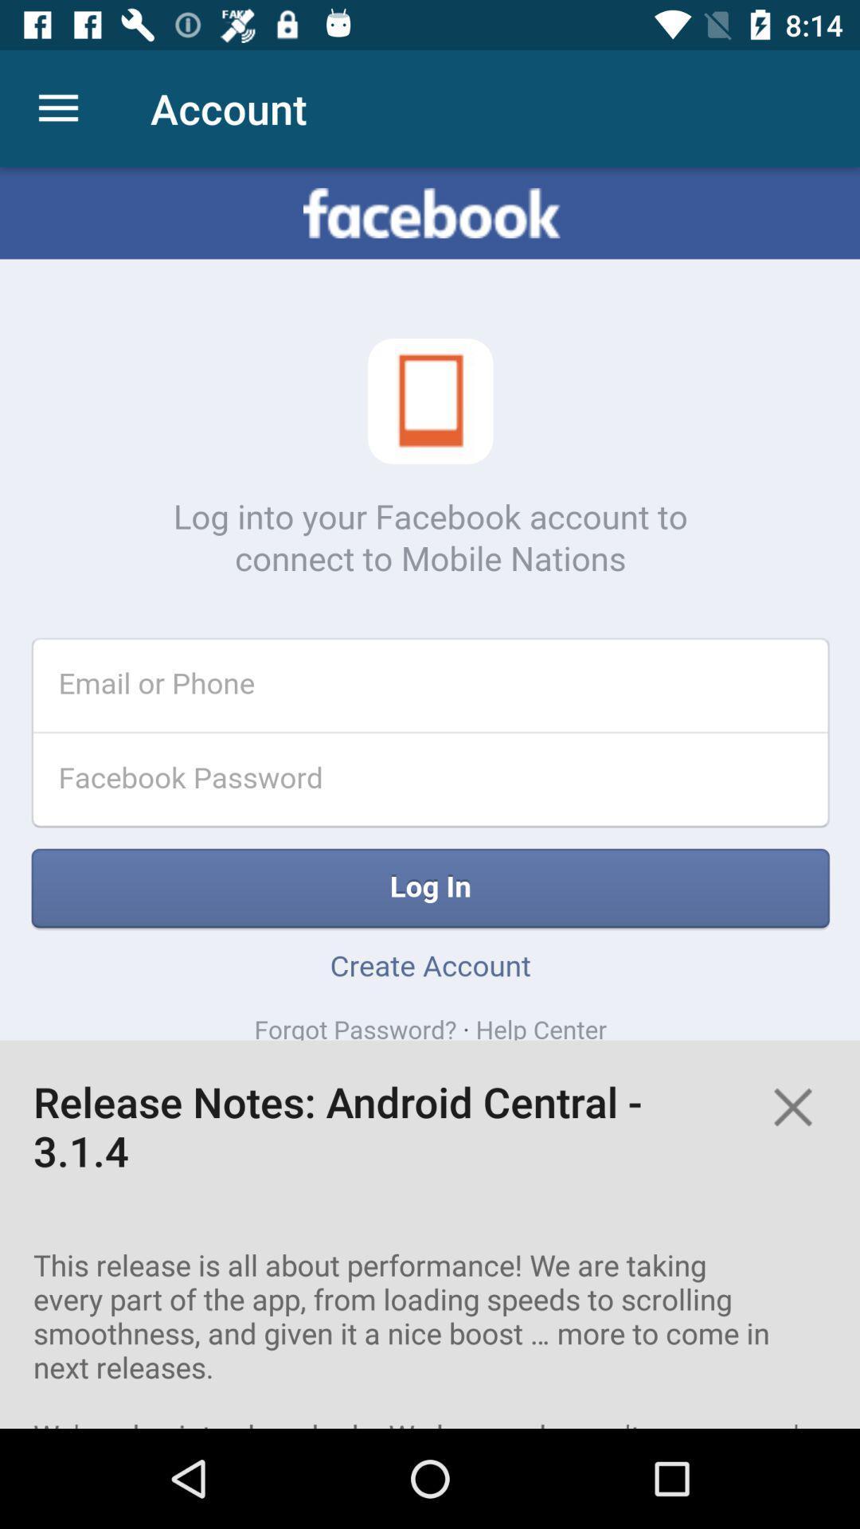 The width and height of the screenshot is (860, 1529). Describe the element at coordinates (792, 1106) in the screenshot. I see `the close icon` at that location.